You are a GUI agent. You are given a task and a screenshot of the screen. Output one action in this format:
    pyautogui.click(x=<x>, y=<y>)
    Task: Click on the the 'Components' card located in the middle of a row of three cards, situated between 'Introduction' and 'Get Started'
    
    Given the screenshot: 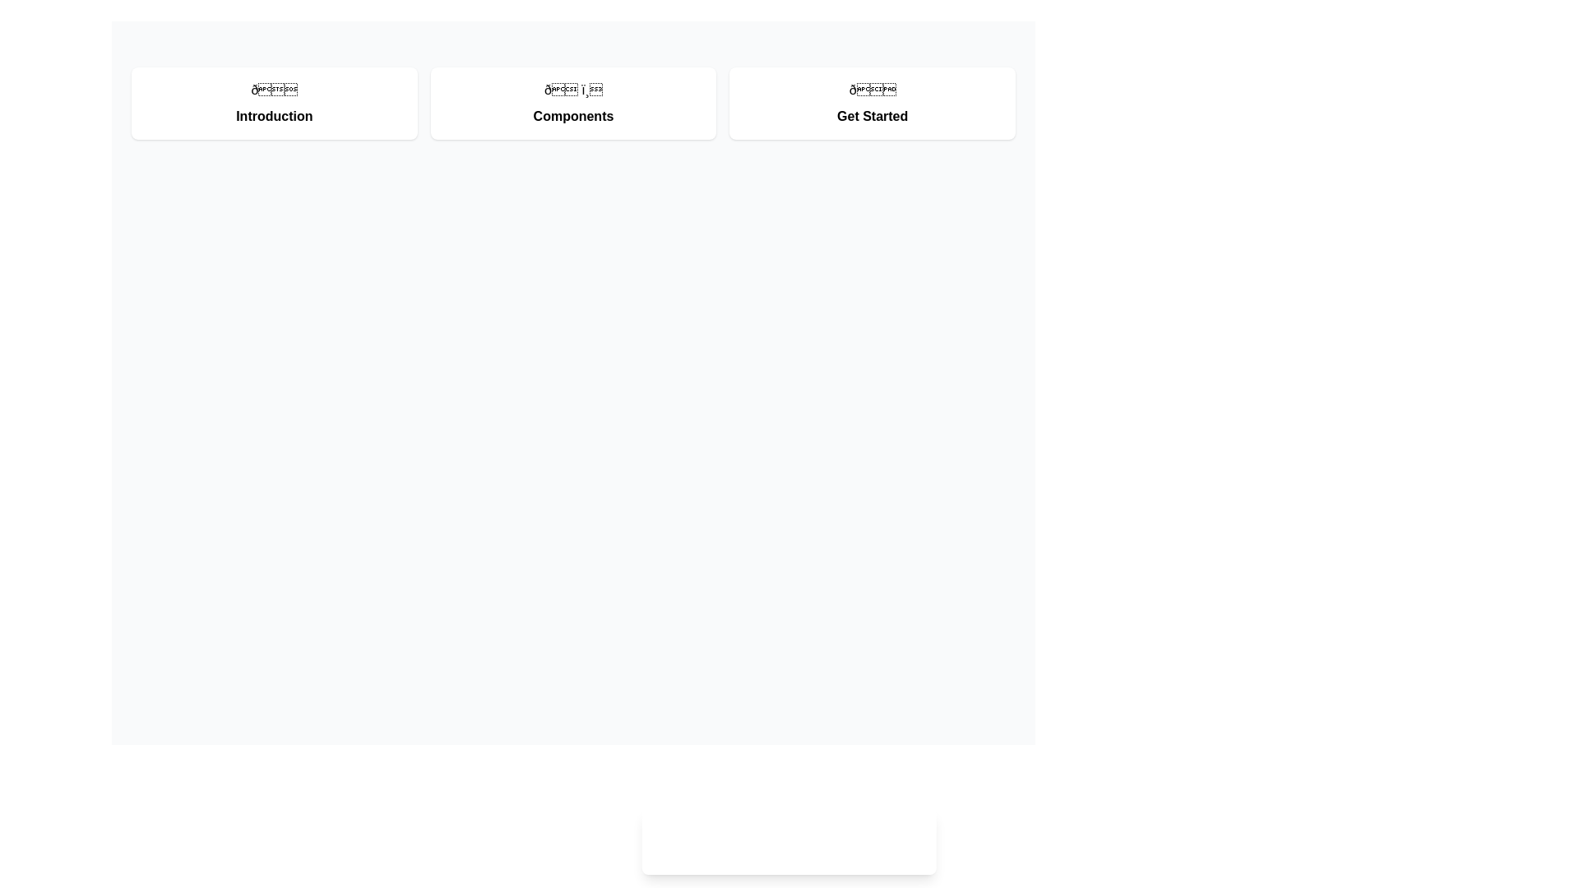 What is the action you would take?
    pyautogui.click(x=573, y=104)
    